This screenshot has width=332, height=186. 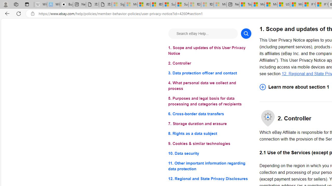 What do you see at coordinates (210, 166) in the screenshot?
I see `'11. Other important information regarding data protection'` at bounding box center [210, 166].